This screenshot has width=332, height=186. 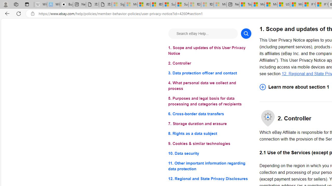 What do you see at coordinates (210, 166) in the screenshot?
I see `'11. Other important information regarding data protection'` at bounding box center [210, 166].